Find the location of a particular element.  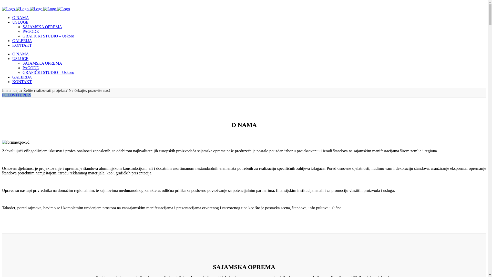

'USLUGE' is located at coordinates (20, 22).